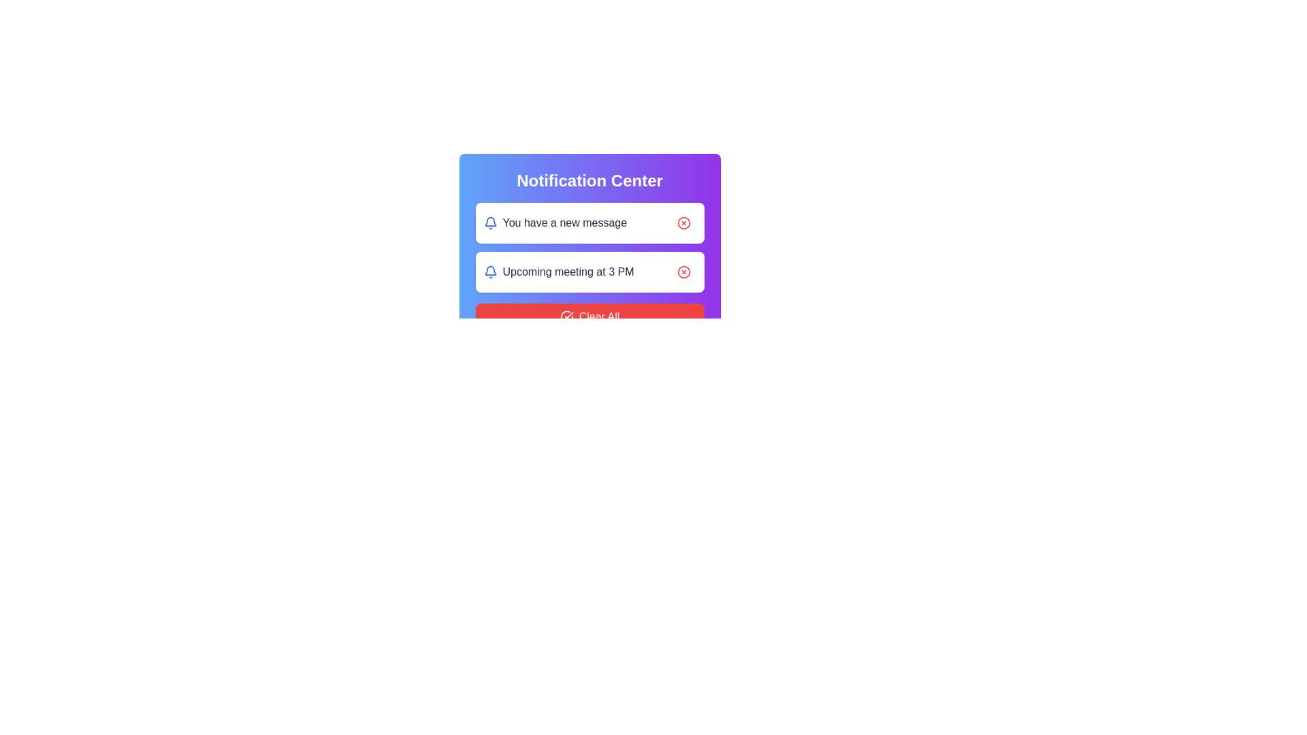 This screenshot has height=735, width=1307. Describe the element at coordinates (490, 222) in the screenshot. I see `the bell icon indicating a new message in the Notification Center, which is located to the left of the text 'You have a new message'` at that location.